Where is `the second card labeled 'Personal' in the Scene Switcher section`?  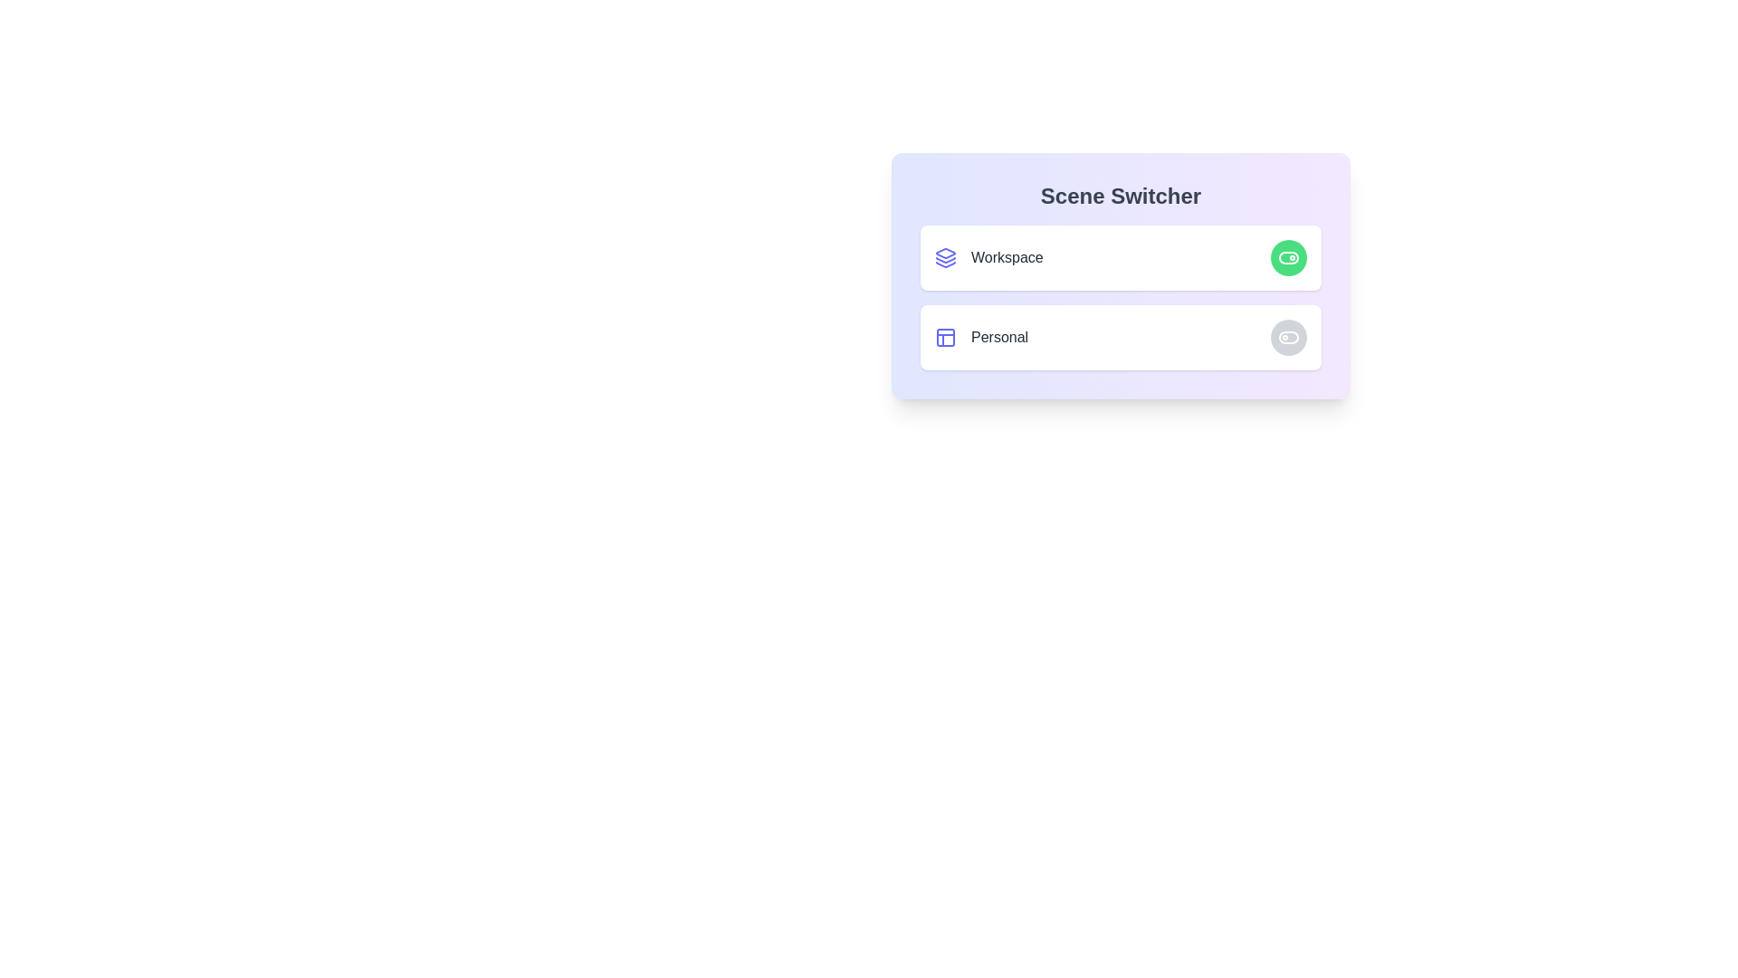 the second card labeled 'Personal' in the Scene Switcher section is located at coordinates (1120, 338).